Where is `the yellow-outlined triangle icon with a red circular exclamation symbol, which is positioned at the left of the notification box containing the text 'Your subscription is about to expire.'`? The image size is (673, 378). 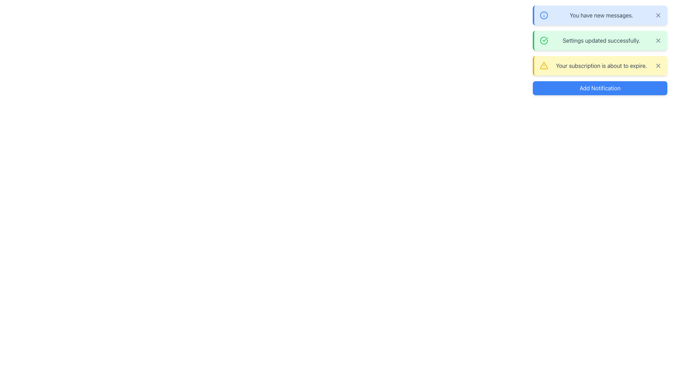 the yellow-outlined triangle icon with a red circular exclamation symbol, which is positioned at the left of the notification box containing the text 'Your subscription is about to expire.' is located at coordinates (543, 66).